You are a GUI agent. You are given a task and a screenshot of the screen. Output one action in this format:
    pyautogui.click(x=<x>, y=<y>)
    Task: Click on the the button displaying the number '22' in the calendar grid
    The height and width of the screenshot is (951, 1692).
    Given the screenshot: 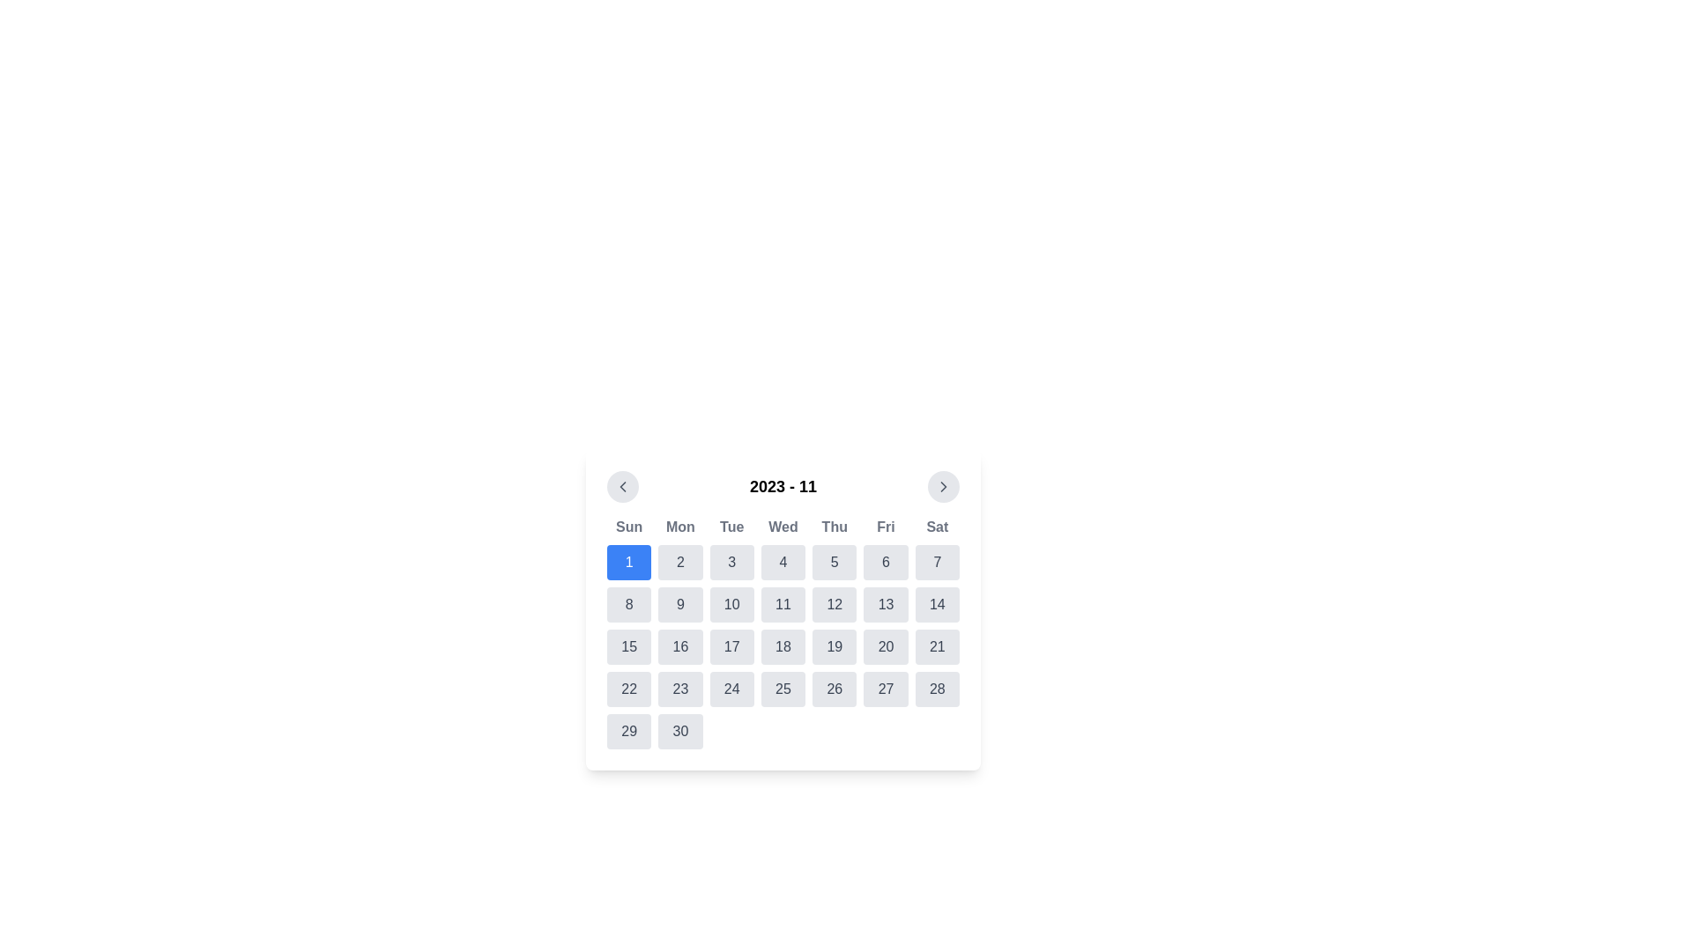 What is the action you would take?
    pyautogui.click(x=629, y=689)
    